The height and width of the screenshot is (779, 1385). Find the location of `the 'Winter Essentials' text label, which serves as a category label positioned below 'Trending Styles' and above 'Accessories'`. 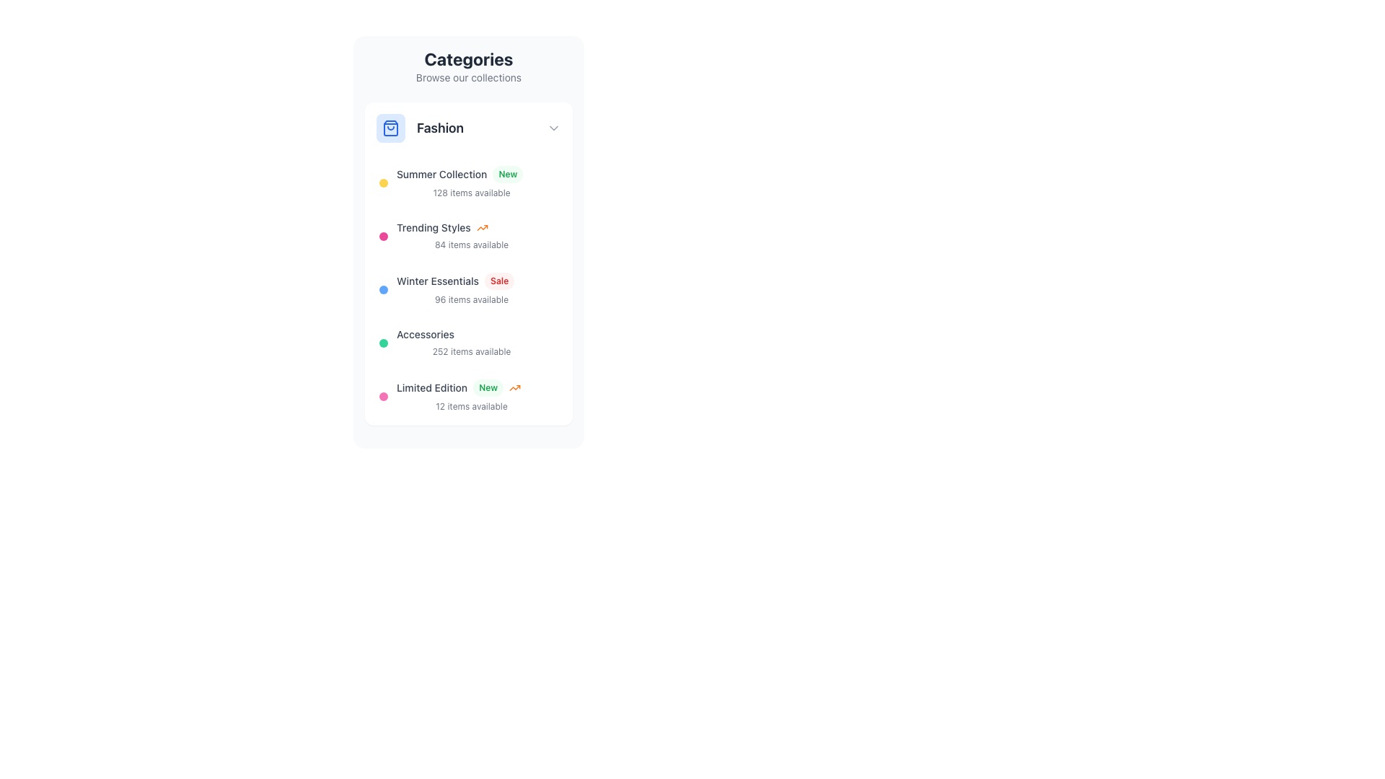

the 'Winter Essentials' text label, which serves as a category label positioned below 'Trending Styles' and above 'Accessories' is located at coordinates (436, 281).